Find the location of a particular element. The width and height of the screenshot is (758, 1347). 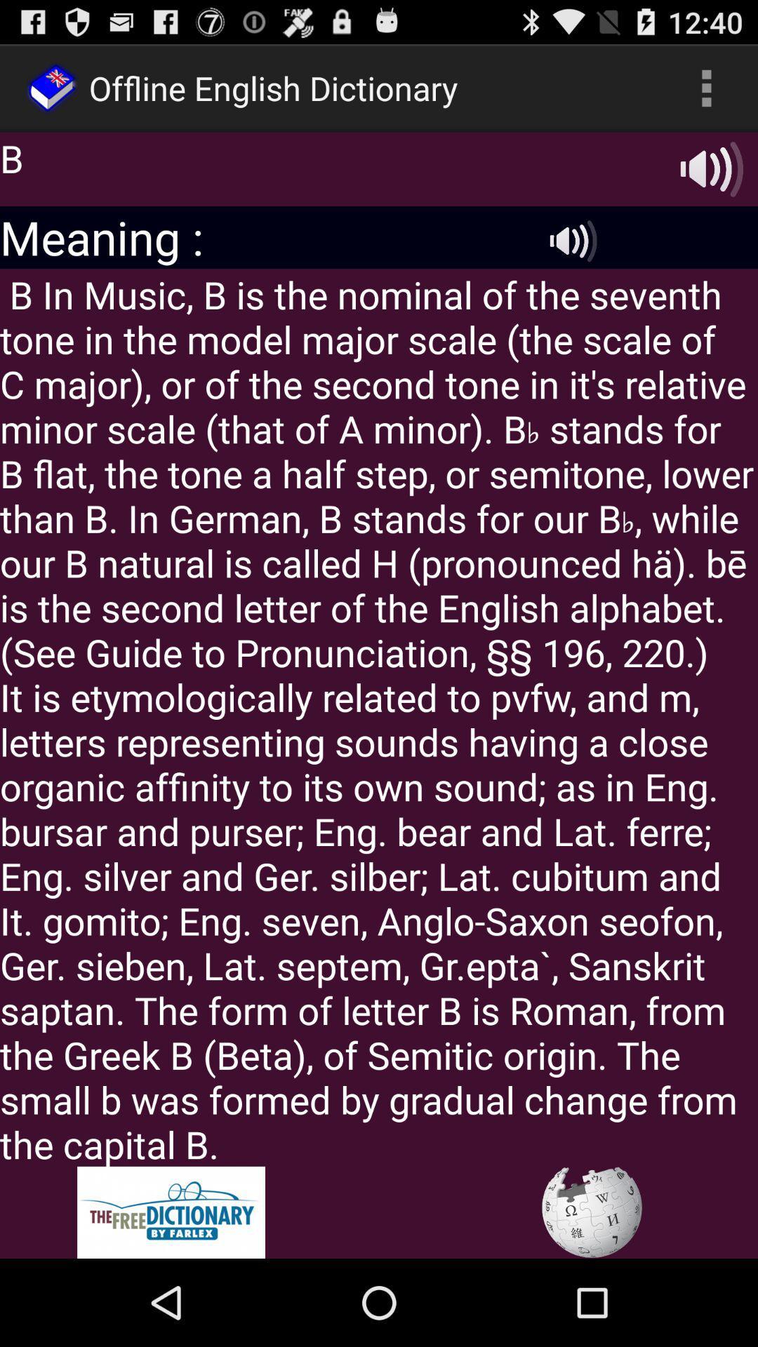

item above the b icon is located at coordinates (706, 87).